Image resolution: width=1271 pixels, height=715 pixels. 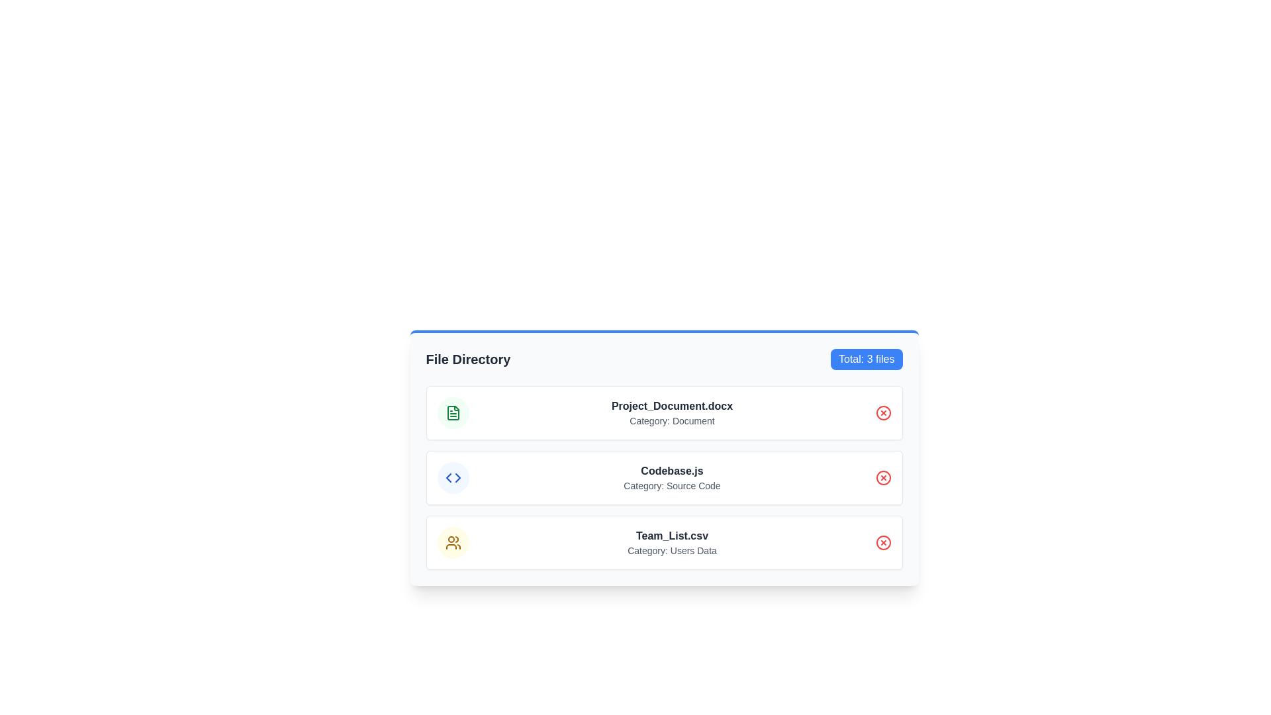 I want to click on the visual representation icon associated with the 'Team_List.csv' file entry, located in the left side of the third item in the vertical list of file entries, so click(x=453, y=543).